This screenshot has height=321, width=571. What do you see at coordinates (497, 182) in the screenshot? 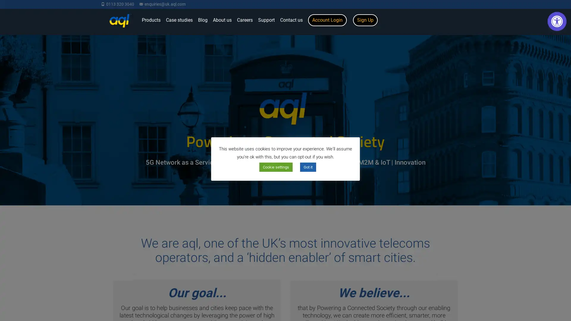
I see `Reset Settings` at bounding box center [497, 182].